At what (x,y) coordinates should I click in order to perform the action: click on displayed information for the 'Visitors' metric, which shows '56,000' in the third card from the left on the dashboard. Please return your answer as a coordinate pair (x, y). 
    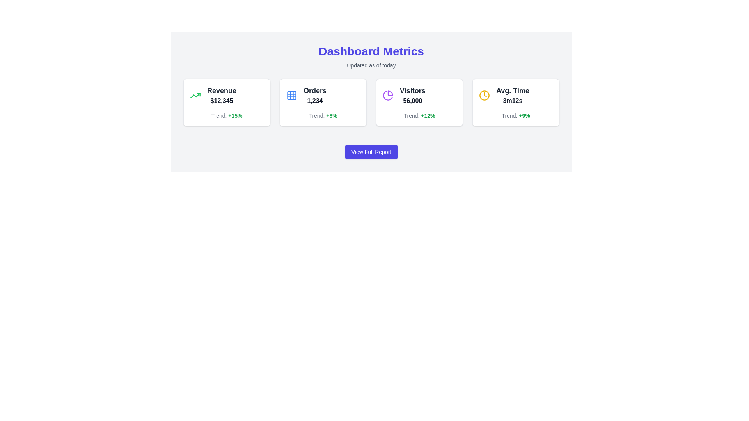
    Looking at the image, I should click on (419, 95).